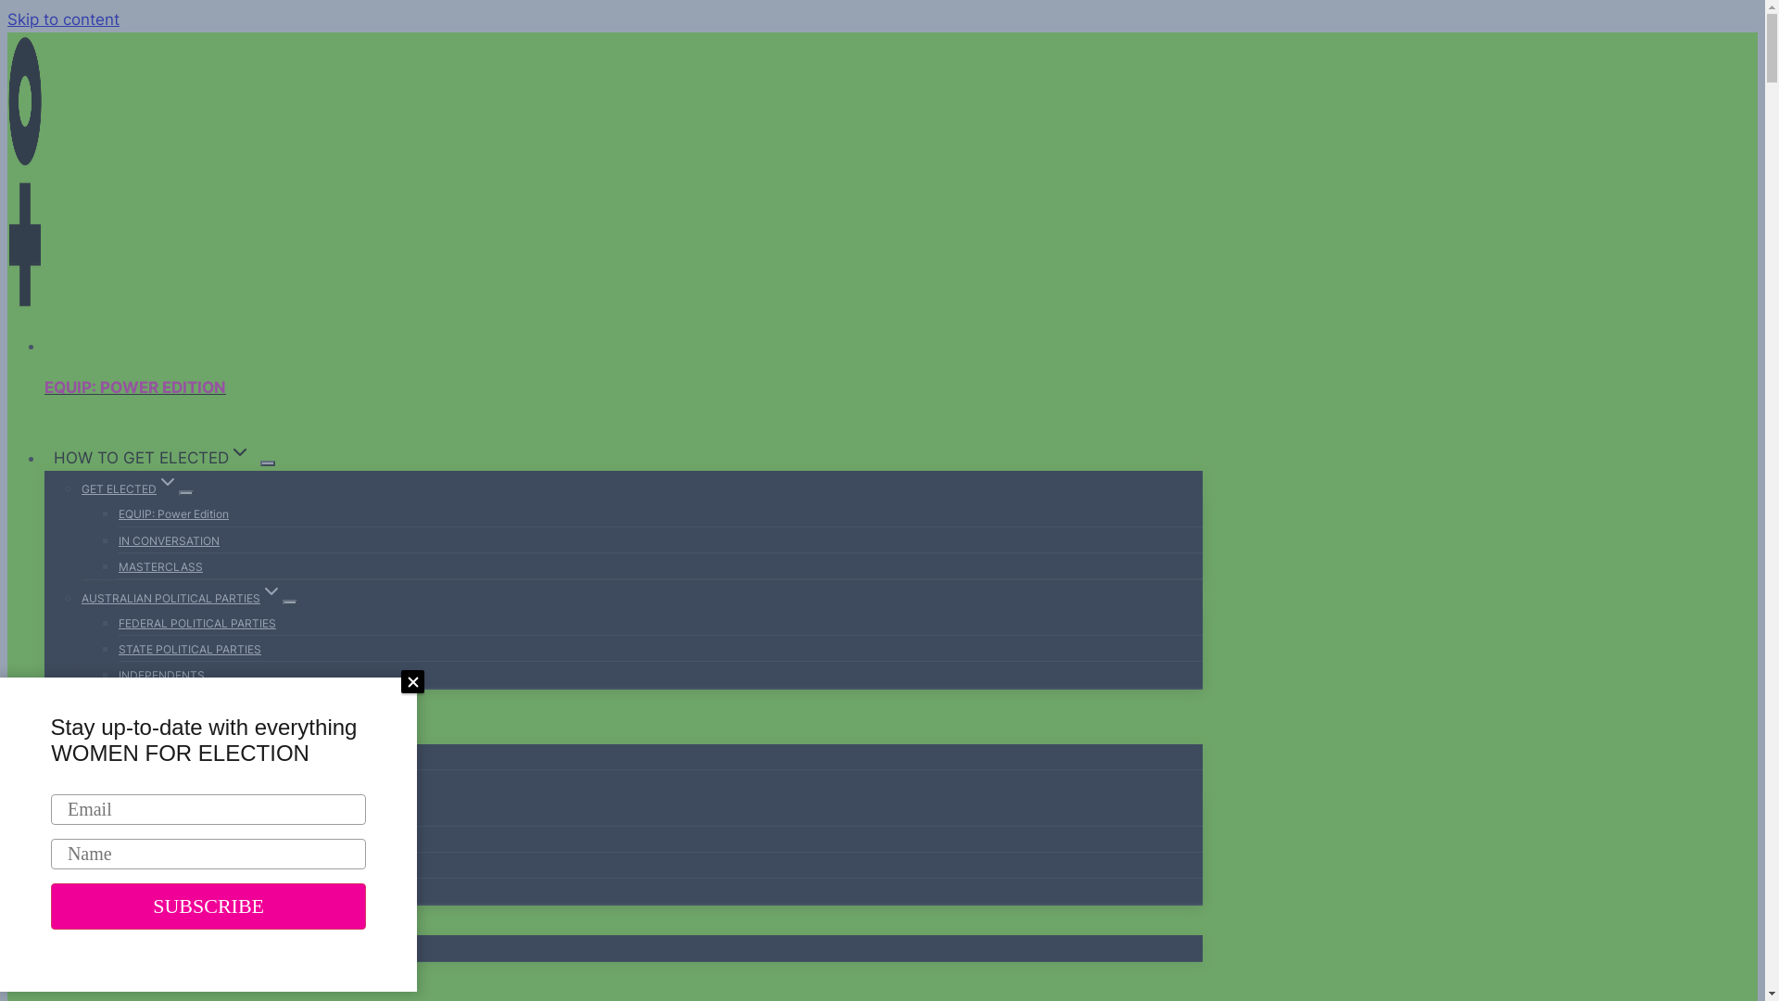  Describe the element at coordinates (623, 386) in the screenshot. I see `'EQUIP: POWER EDITION'` at that location.